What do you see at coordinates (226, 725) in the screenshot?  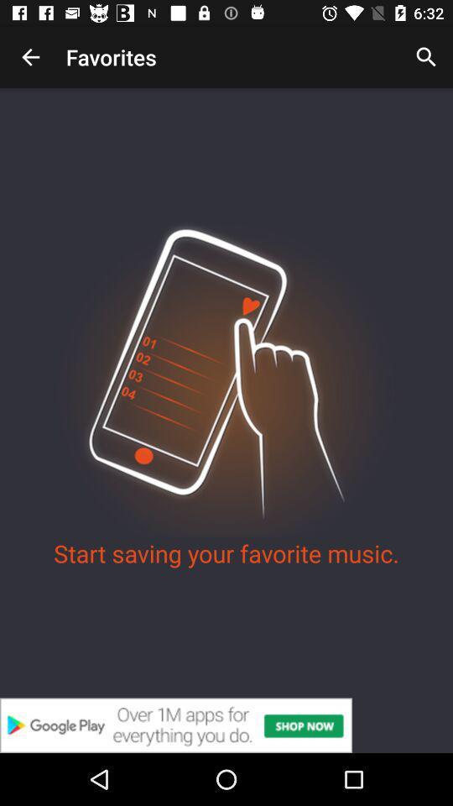 I see `the advertisement` at bounding box center [226, 725].